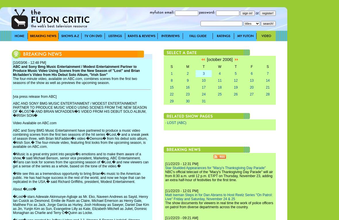  What do you see at coordinates (201, 80) in the screenshot?
I see `'10'` at bounding box center [201, 80].